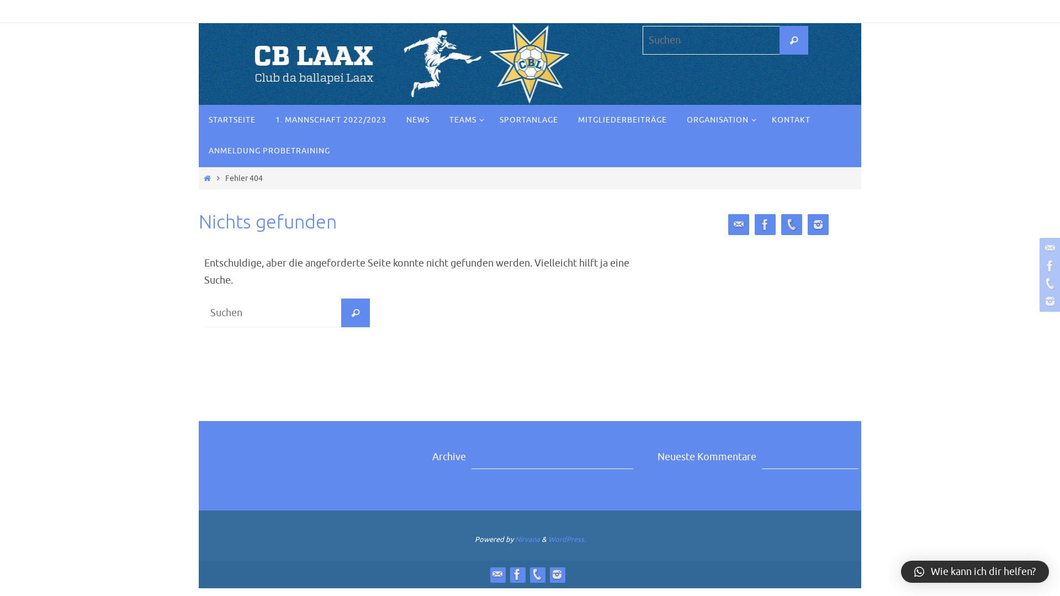  I want to click on 'Phone', so click(530, 574).